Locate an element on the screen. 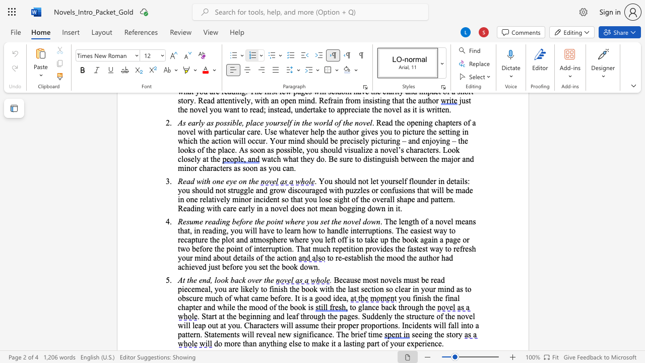 This screenshot has width=645, height=363. the 1th character "a" in the text is located at coordinates (236, 280).